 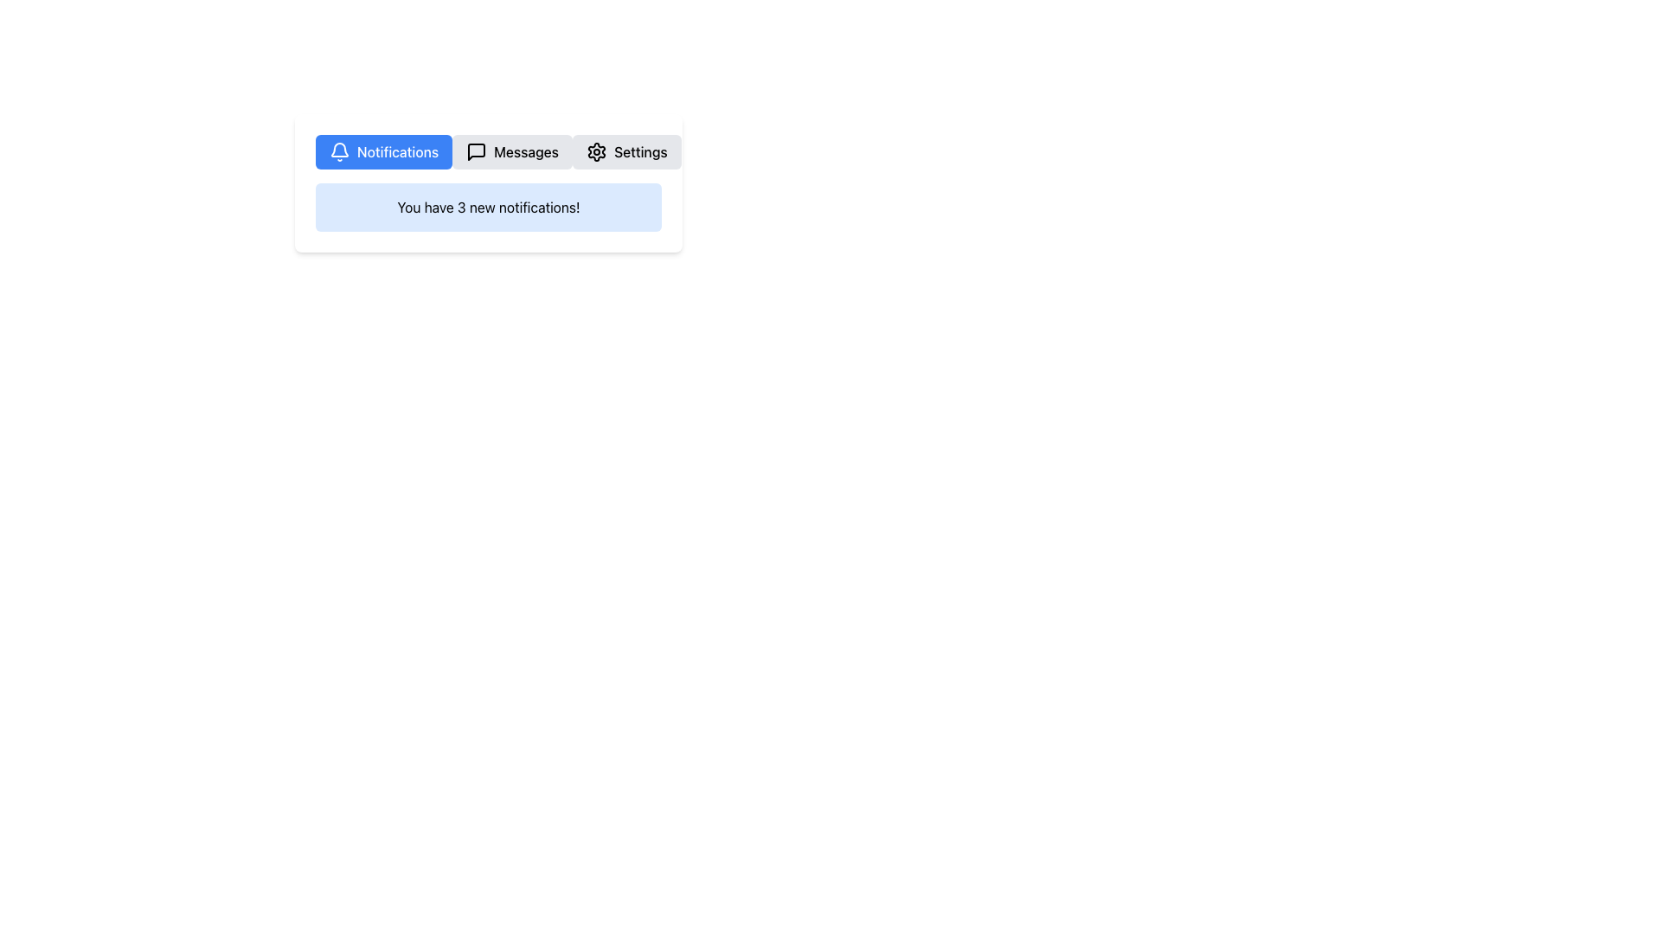 What do you see at coordinates (397, 151) in the screenshot?
I see `the decorative text label located in the horizontal navigation bar, positioned to the right of the bell-shaped icon` at bounding box center [397, 151].